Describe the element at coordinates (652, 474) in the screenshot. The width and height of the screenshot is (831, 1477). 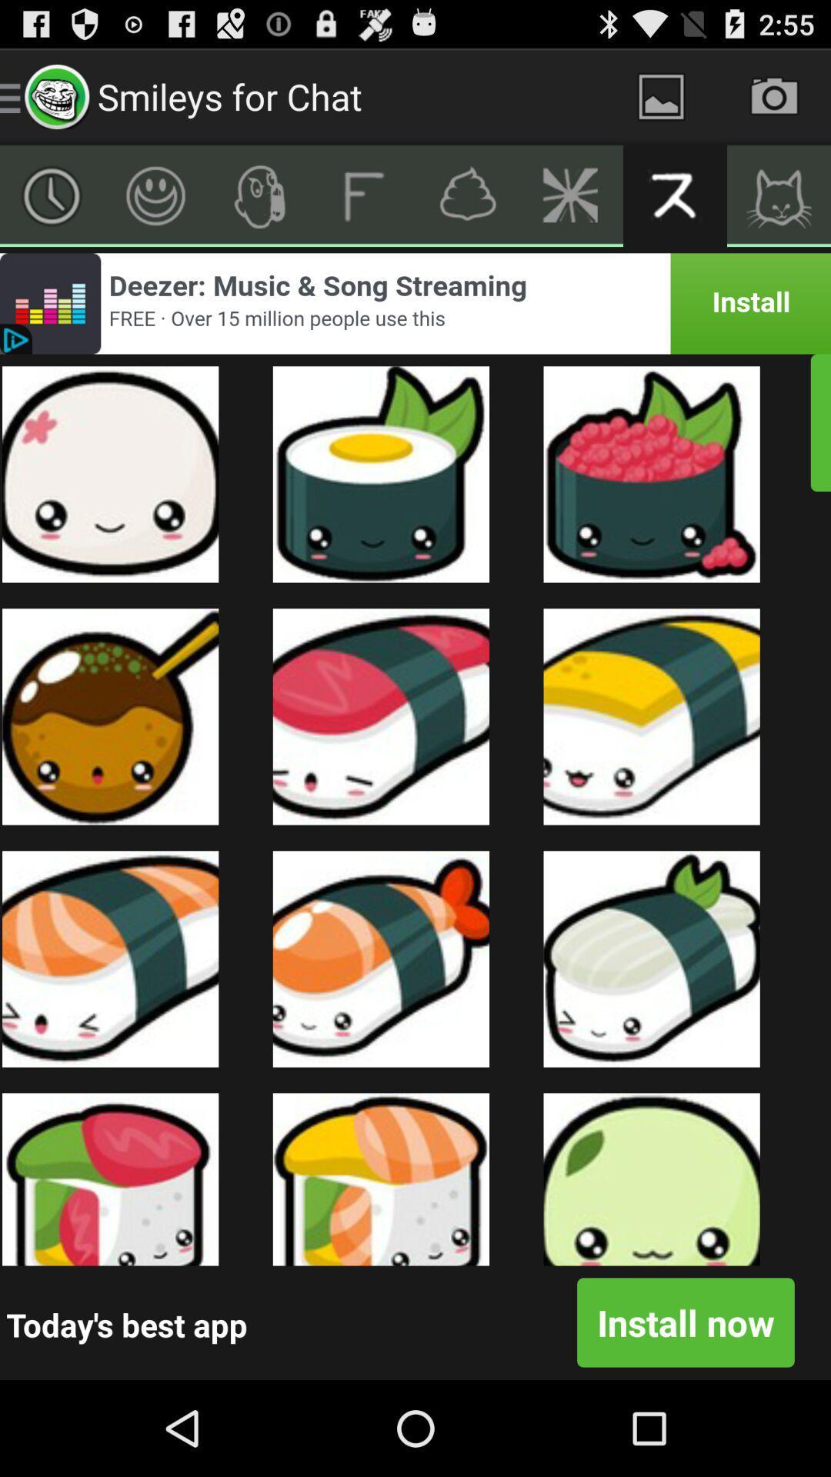
I see `the third image in the first row` at that location.